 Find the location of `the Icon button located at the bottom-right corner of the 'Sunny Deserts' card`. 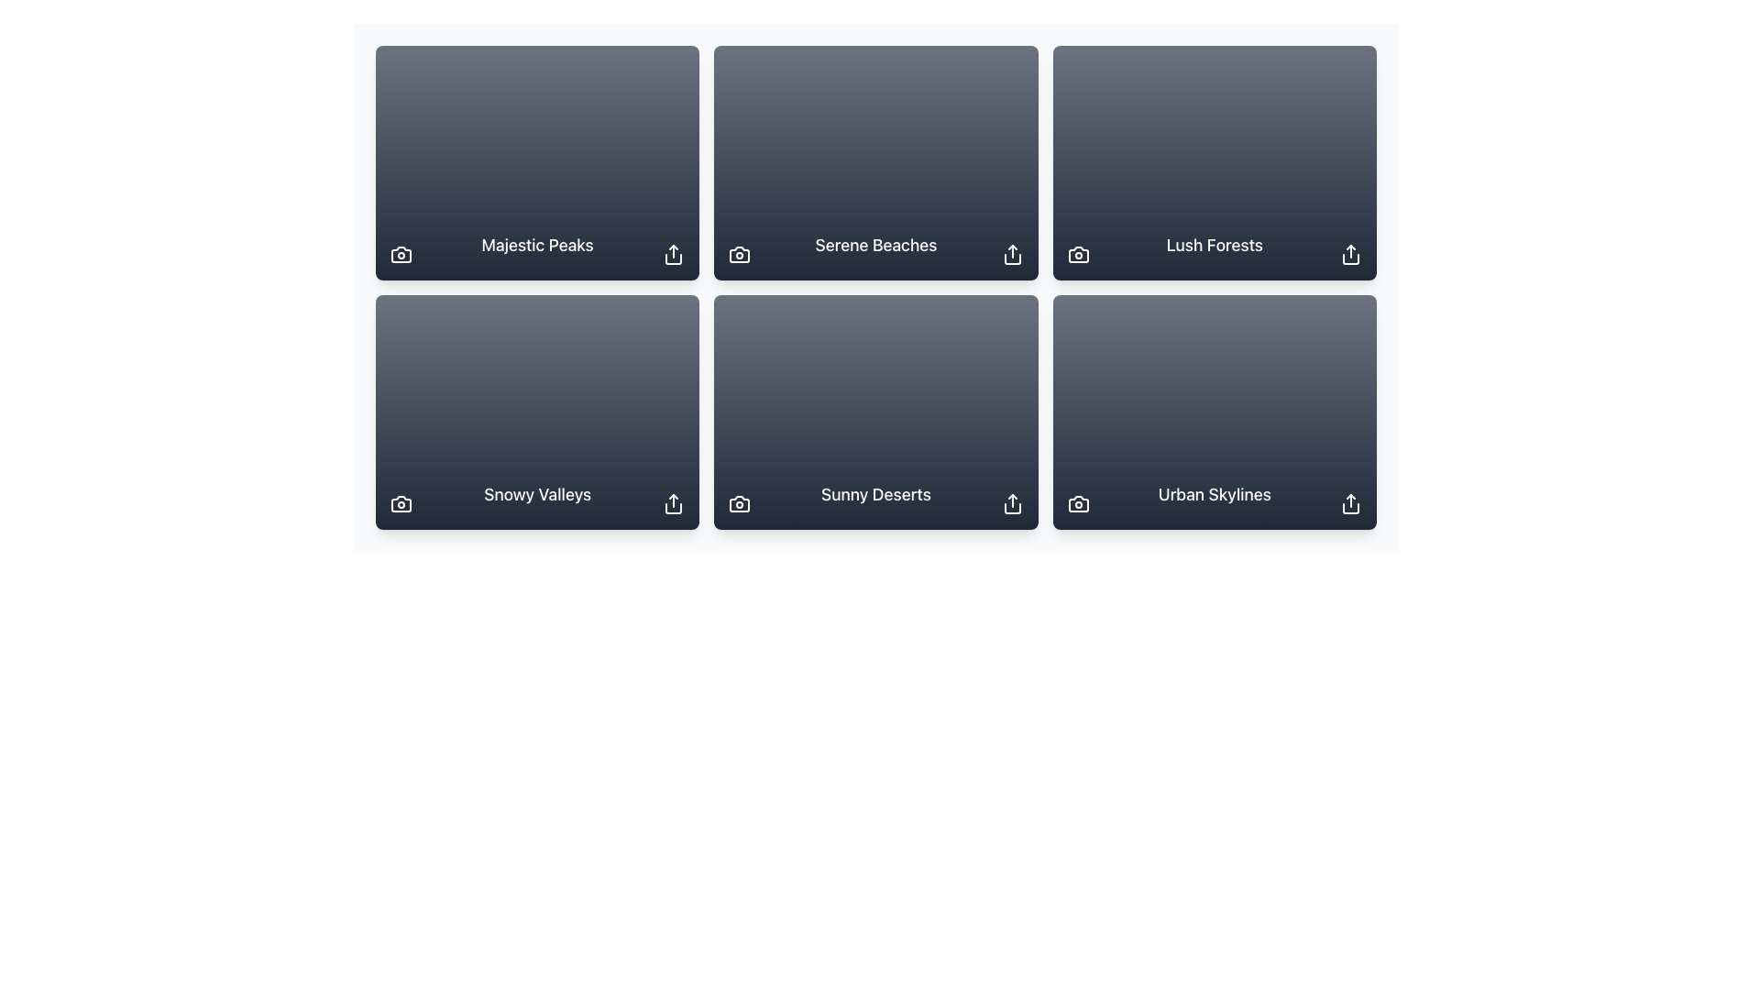

the Icon button located at the bottom-right corner of the 'Sunny Deserts' card is located at coordinates (1011, 504).